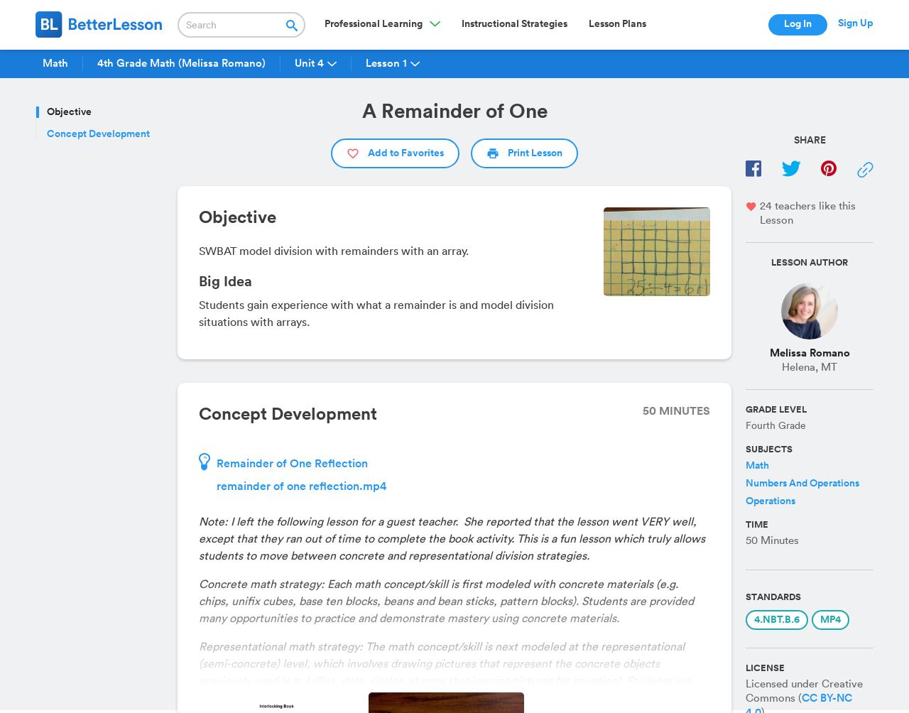 The image size is (909, 713). What do you see at coordinates (816, 367) in the screenshot?
I see `','` at bounding box center [816, 367].